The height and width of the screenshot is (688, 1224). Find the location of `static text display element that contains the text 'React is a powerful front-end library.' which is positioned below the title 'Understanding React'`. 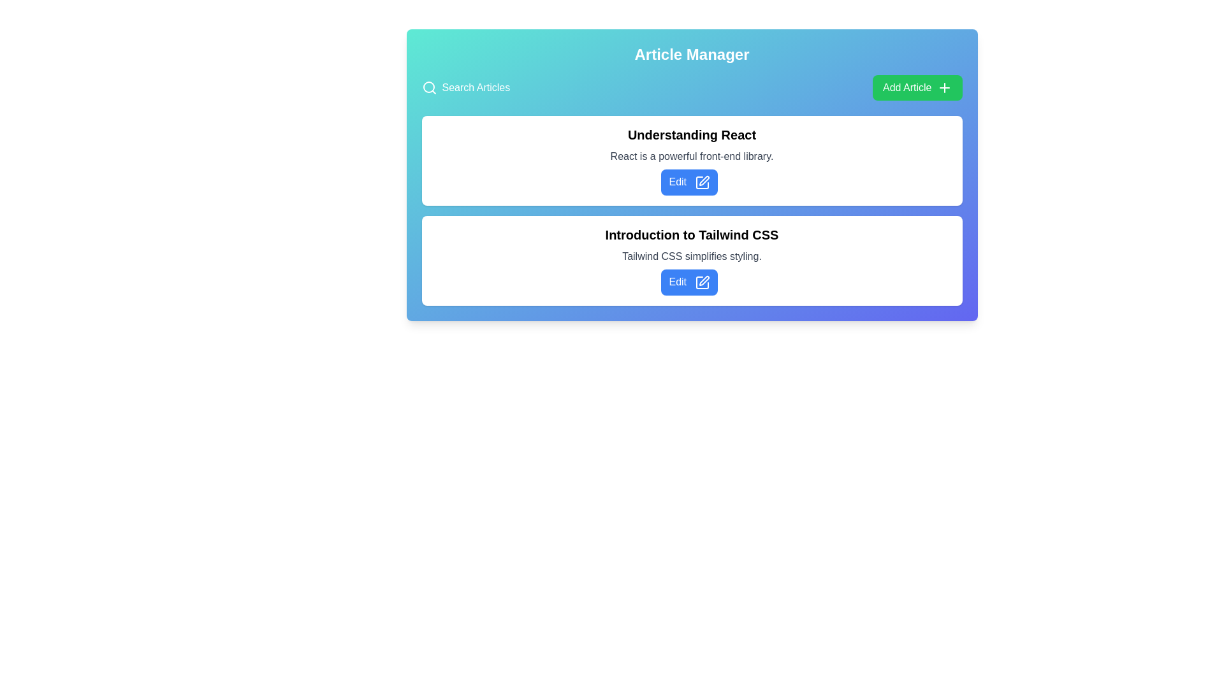

static text display element that contains the text 'React is a powerful front-end library.' which is positioned below the title 'Understanding React' is located at coordinates (691, 156).